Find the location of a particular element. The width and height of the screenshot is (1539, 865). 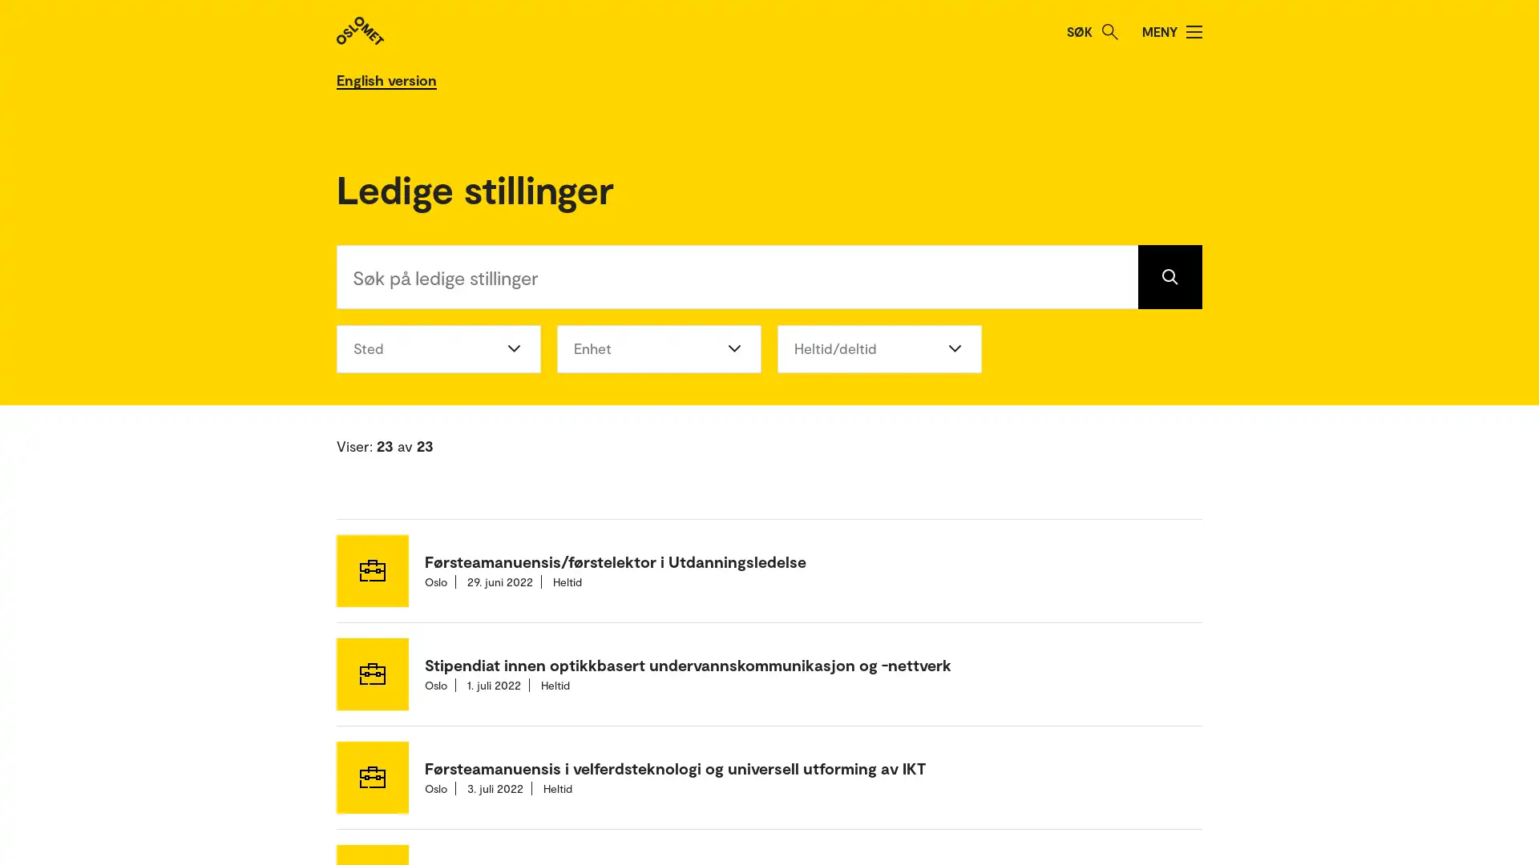

Sk is located at coordinates (1169, 275).